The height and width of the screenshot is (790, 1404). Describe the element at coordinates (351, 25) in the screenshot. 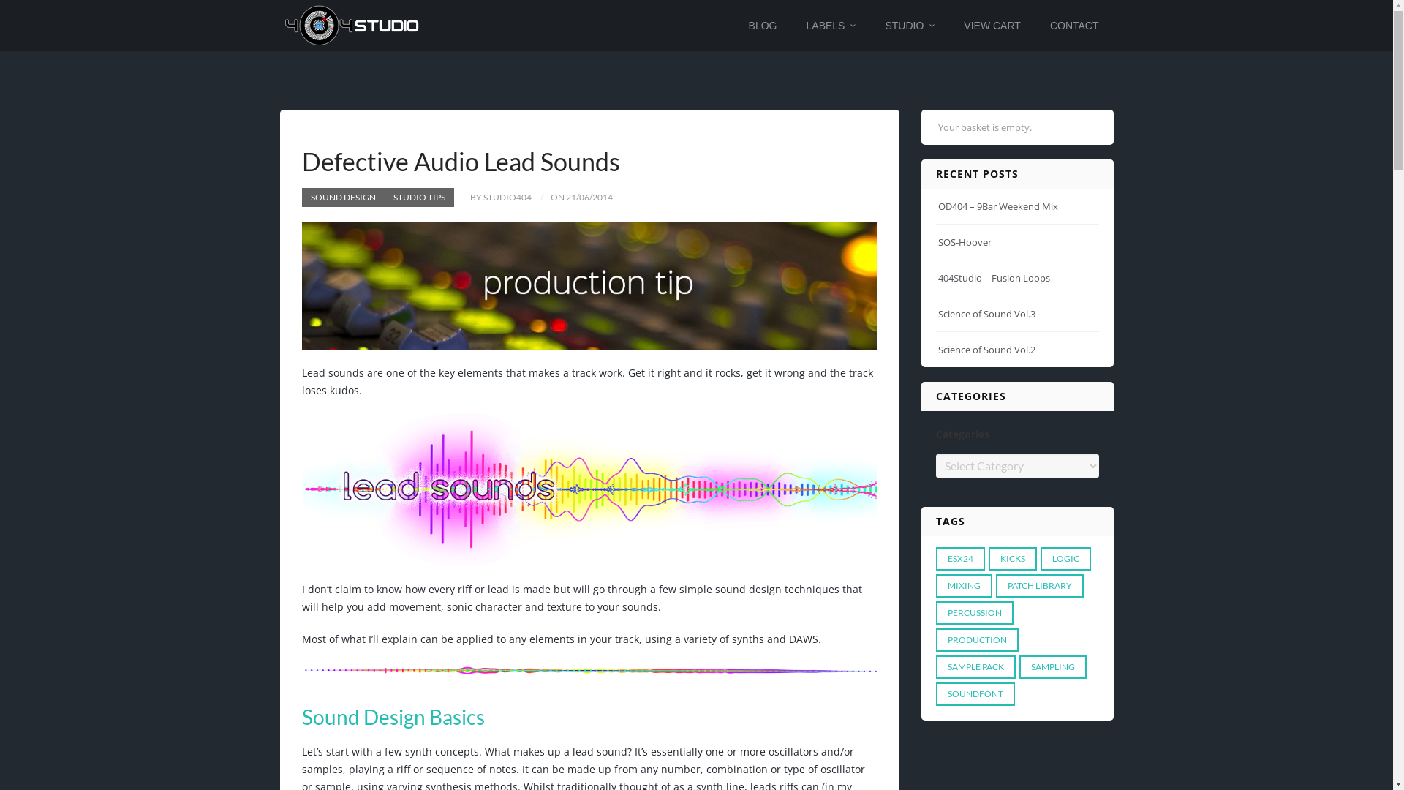

I see `'404Studio - Audio Production & Sound Design'` at that location.